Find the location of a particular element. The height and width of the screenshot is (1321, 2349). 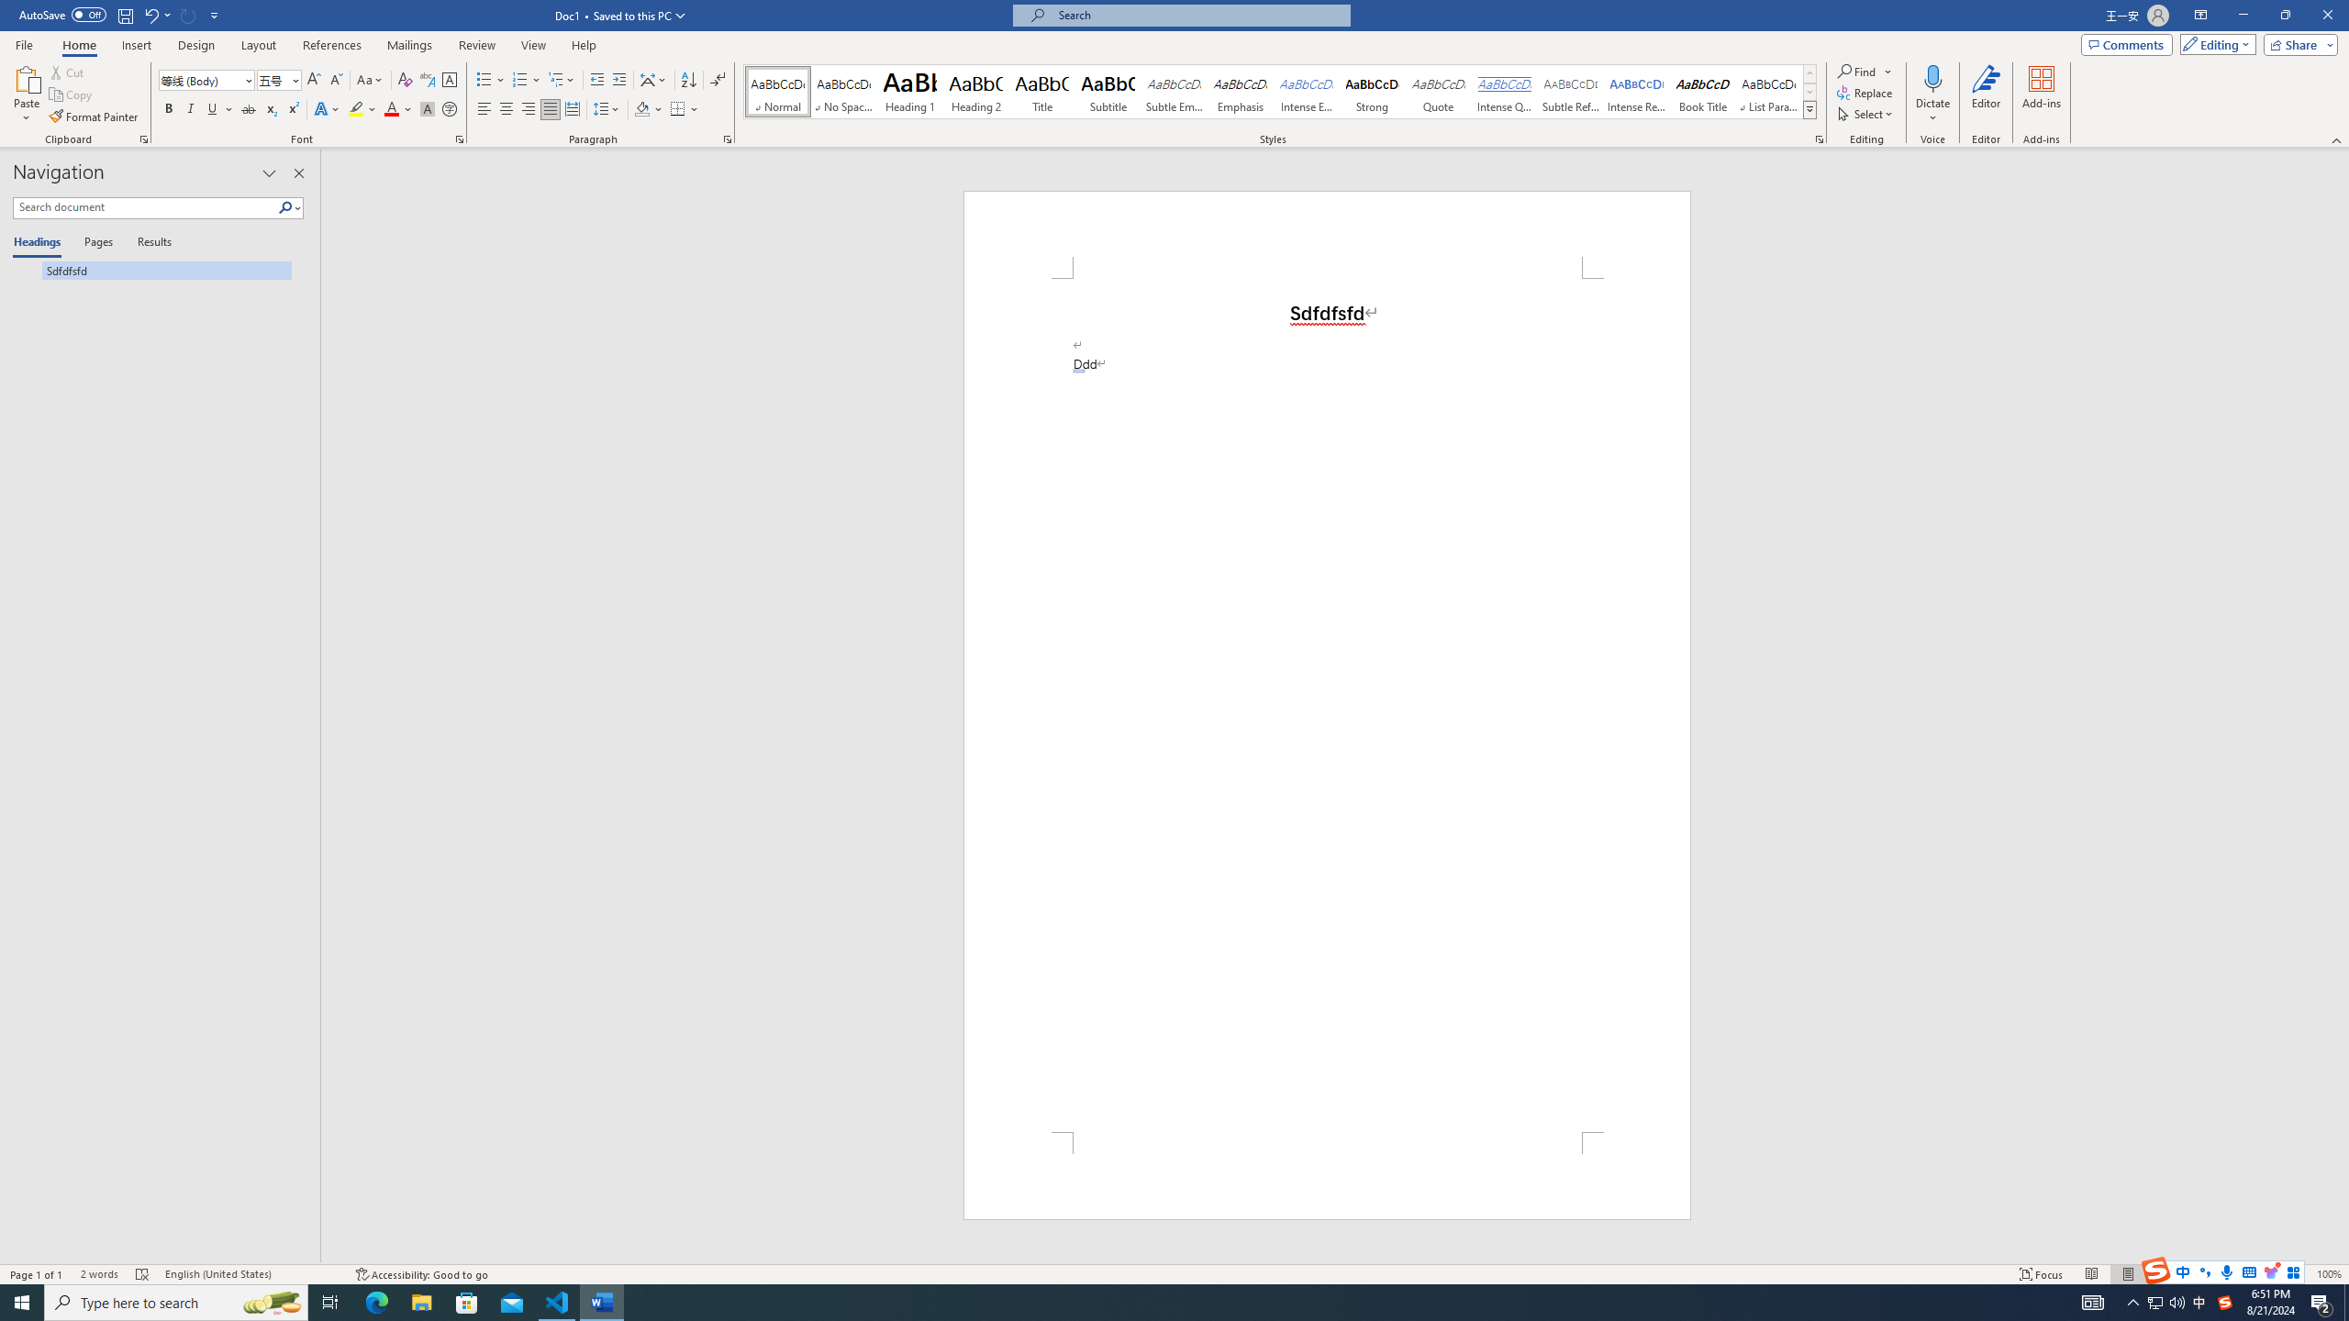

'Intense Quote' is located at coordinates (1504, 91).